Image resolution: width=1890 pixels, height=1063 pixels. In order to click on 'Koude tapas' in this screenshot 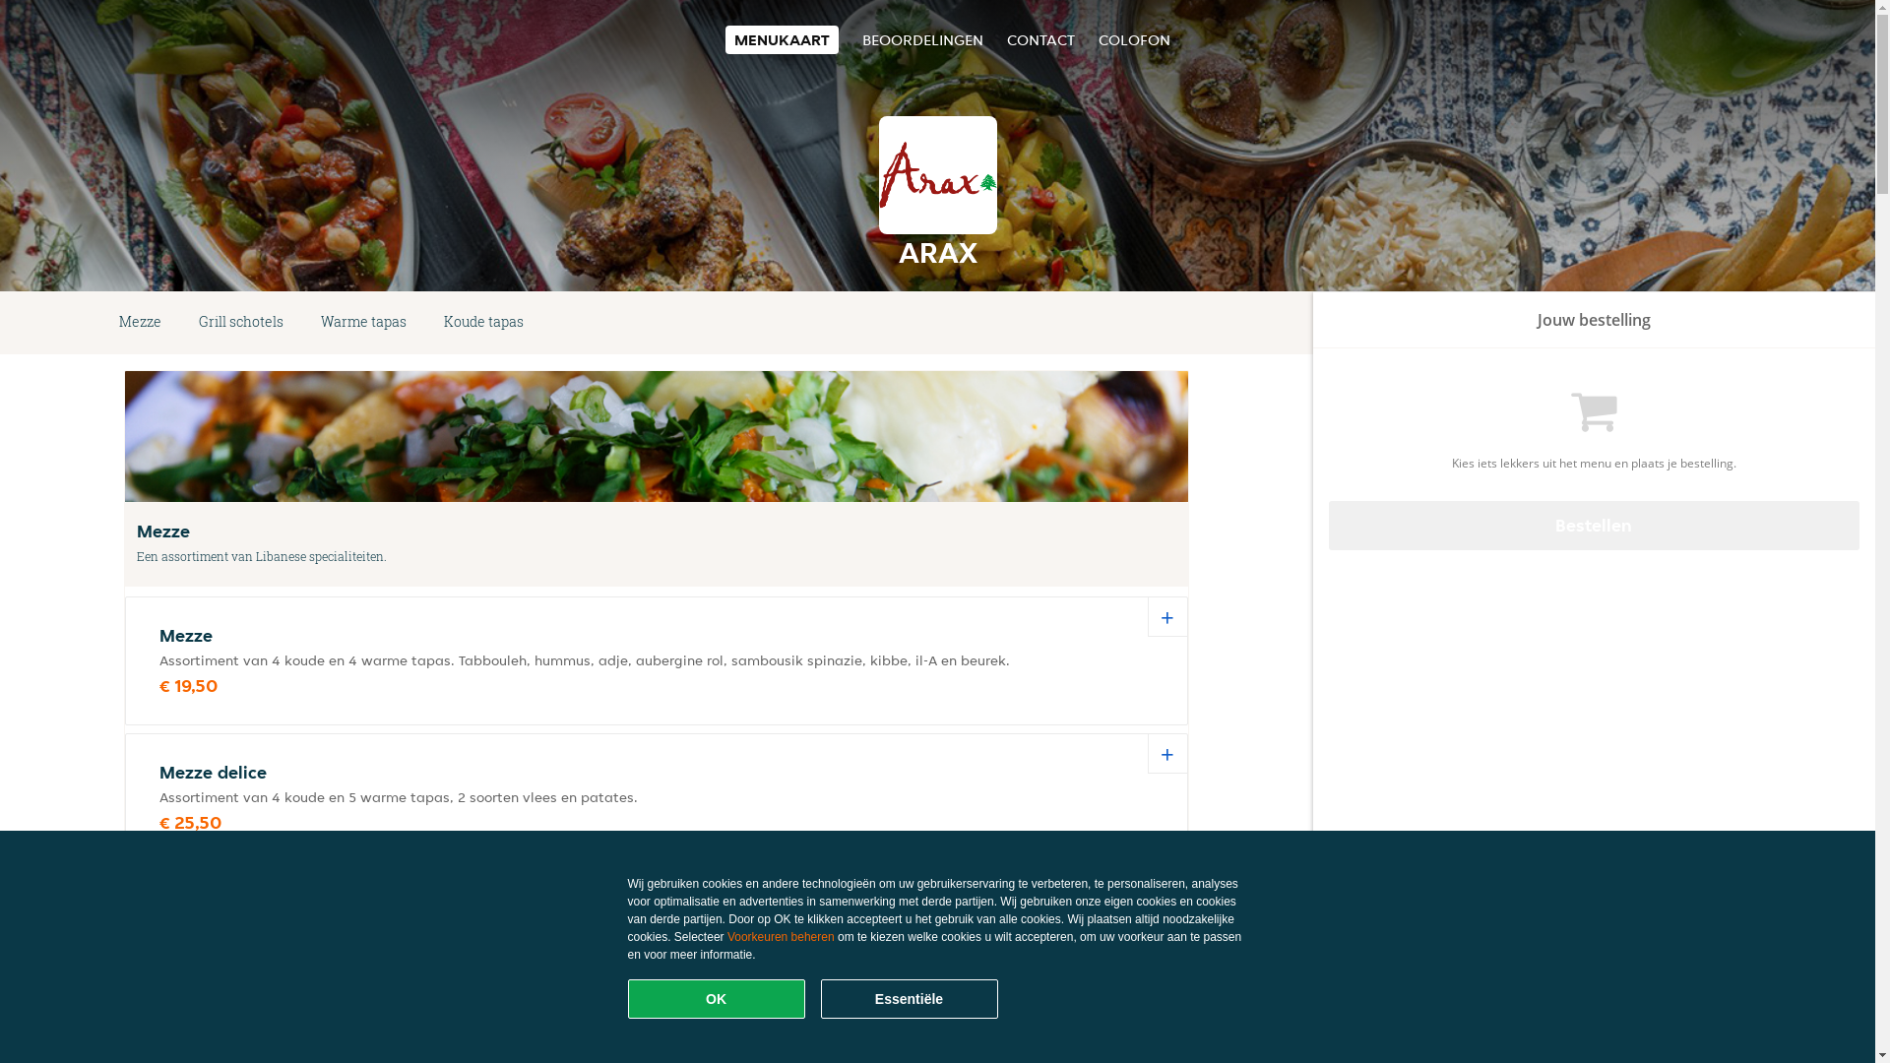, I will do `click(483, 321)`.